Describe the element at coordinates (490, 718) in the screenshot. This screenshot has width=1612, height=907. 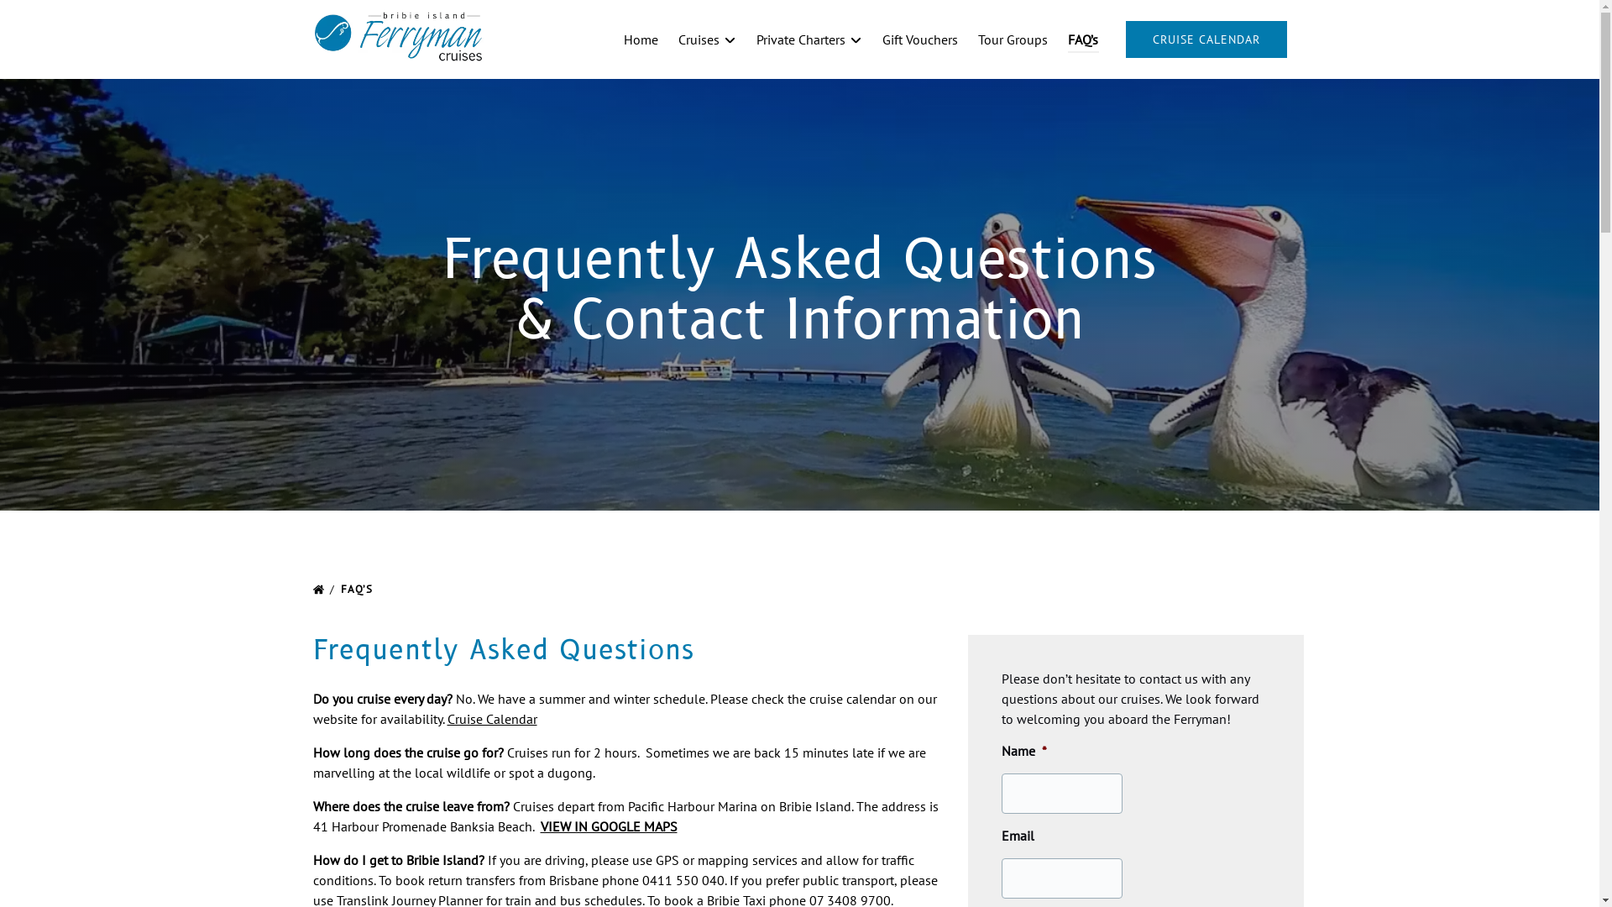
I see `'Cruise Calendar'` at that location.